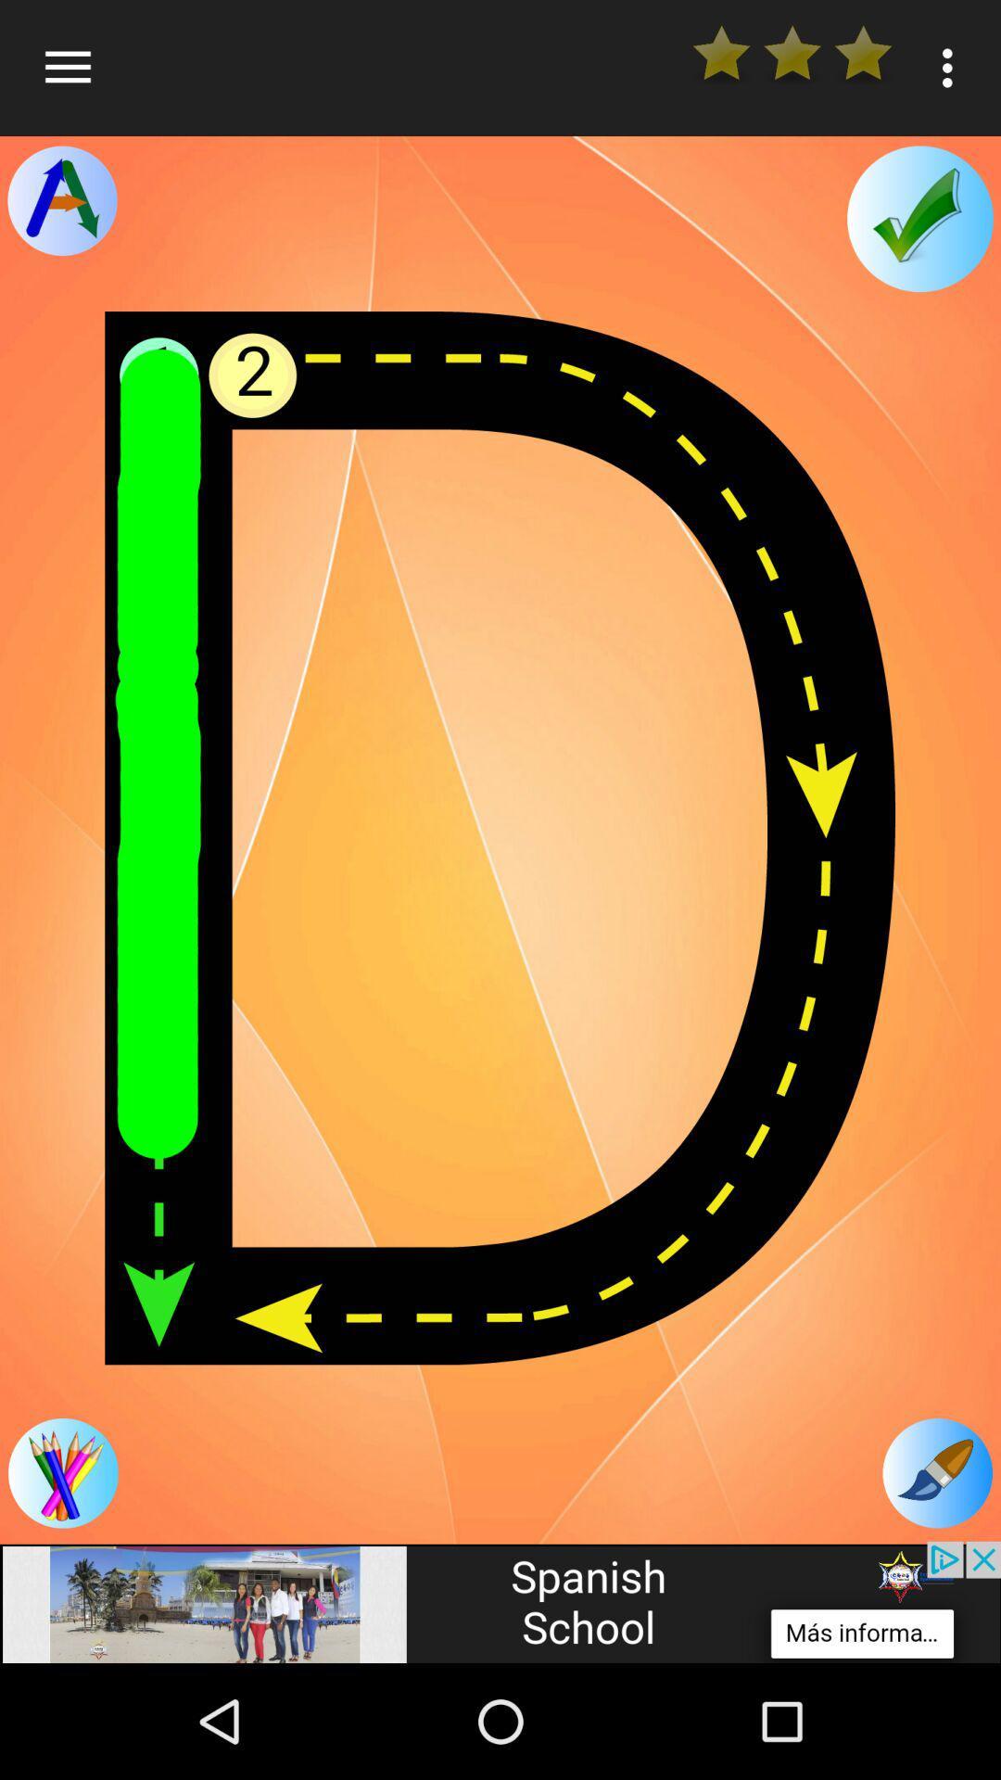 This screenshot has width=1001, height=1780. Describe the element at coordinates (61, 200) in the screenshot. I see `direction` at that location.